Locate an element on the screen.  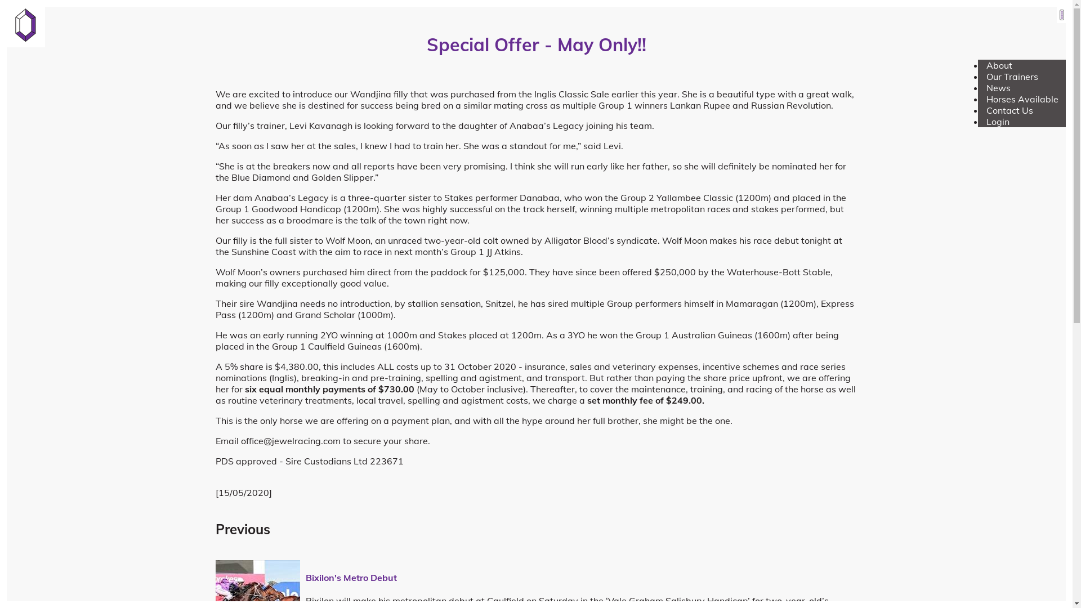
' ' is located at coordinates (1061, 15).